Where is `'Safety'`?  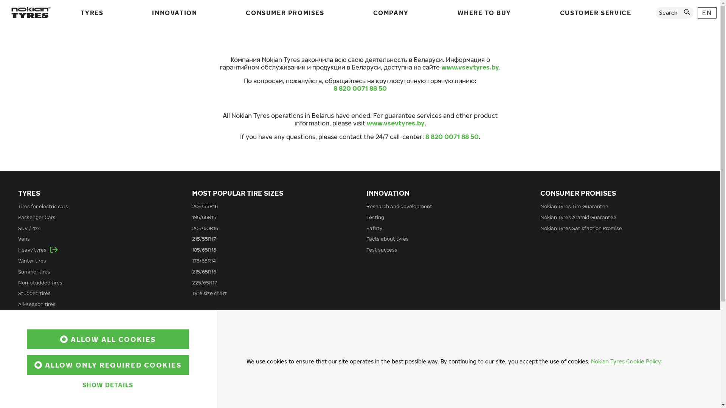
'Safety' is located at coordinates (366, 228).